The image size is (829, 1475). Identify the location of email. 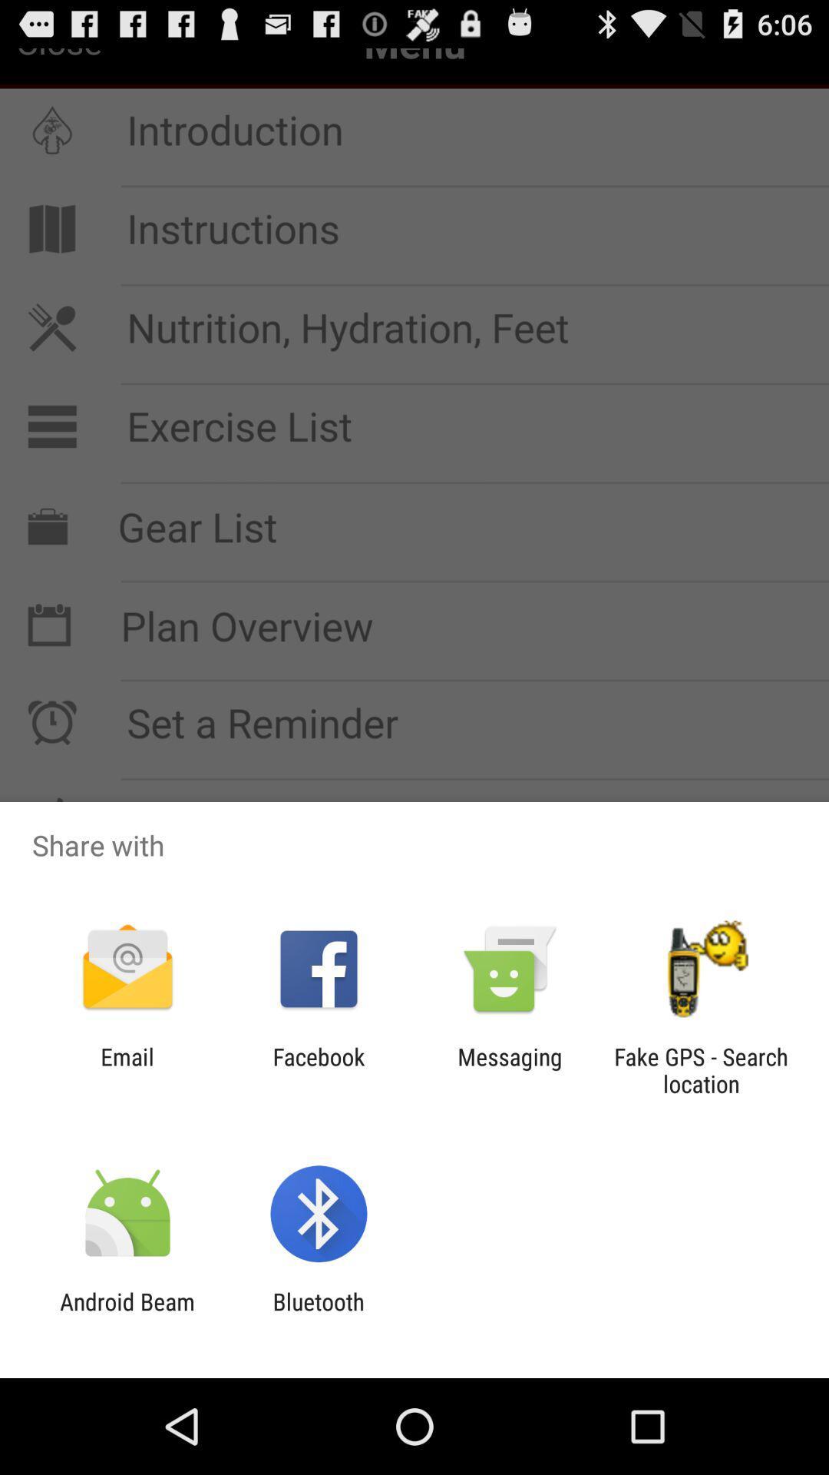
(127, 1069).